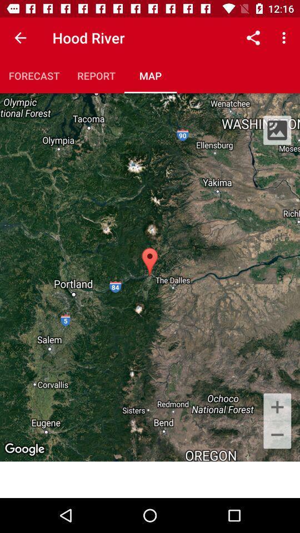 The height and width of the screenshot is (533, 300). I want to click on the item below forecast, so click(150, 276).